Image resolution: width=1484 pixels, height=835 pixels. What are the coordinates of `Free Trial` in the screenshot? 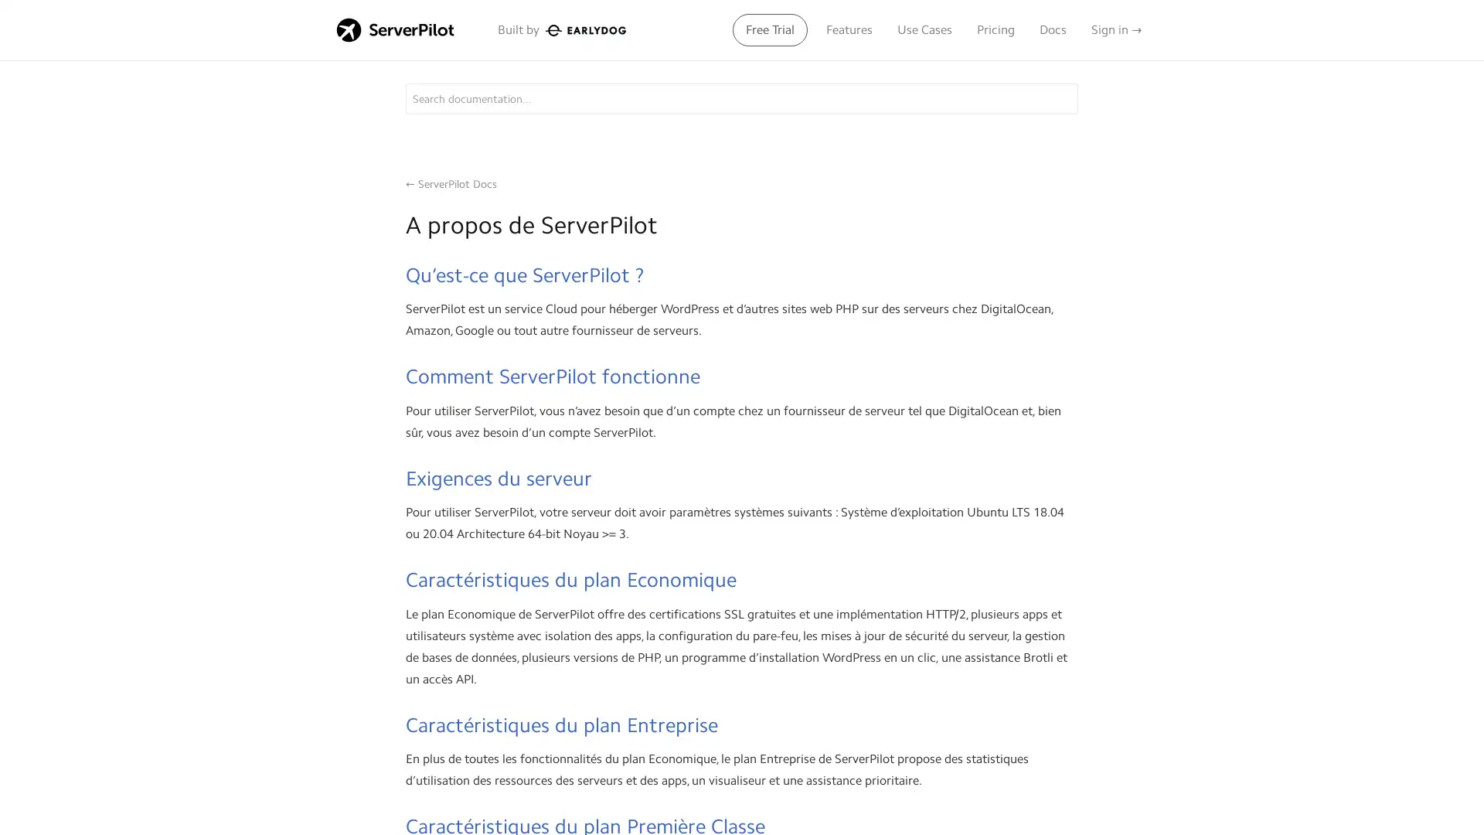 It's located at (770, 29).